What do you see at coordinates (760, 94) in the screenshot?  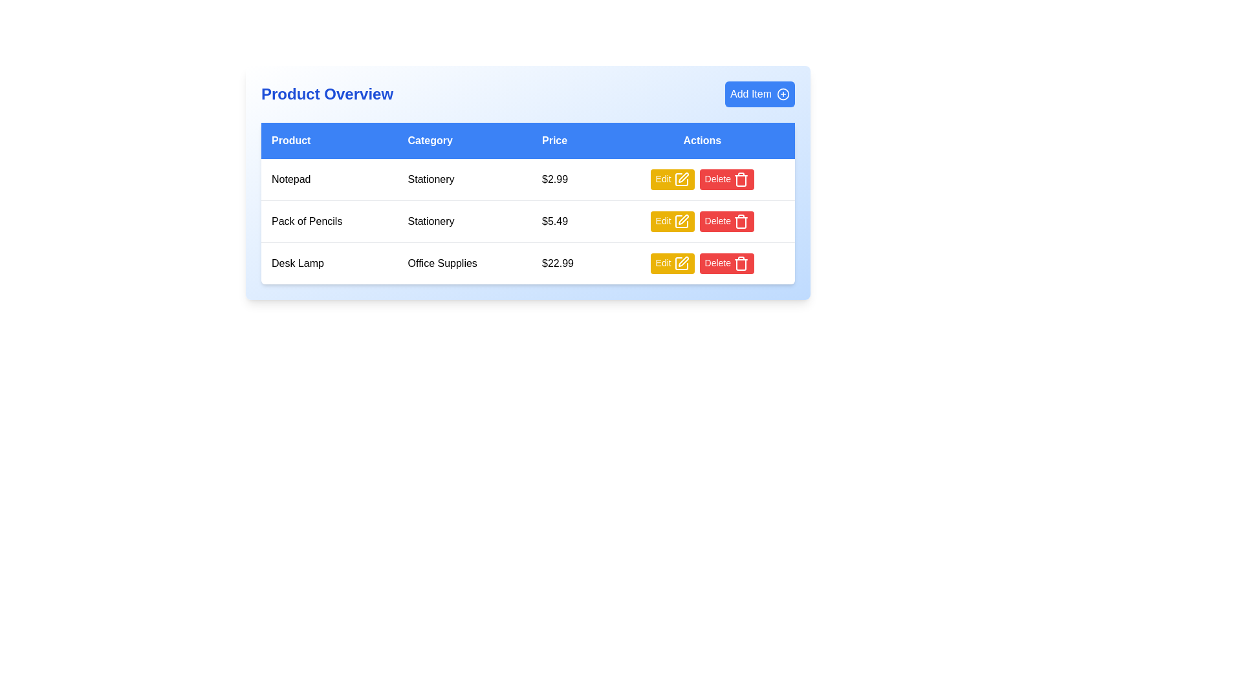 I see `the blue 'Add Item' button located in the top-right corner of the 'Product Overview' section, which has a white circular plus icon next to the text` at bounding box center [760, 94].